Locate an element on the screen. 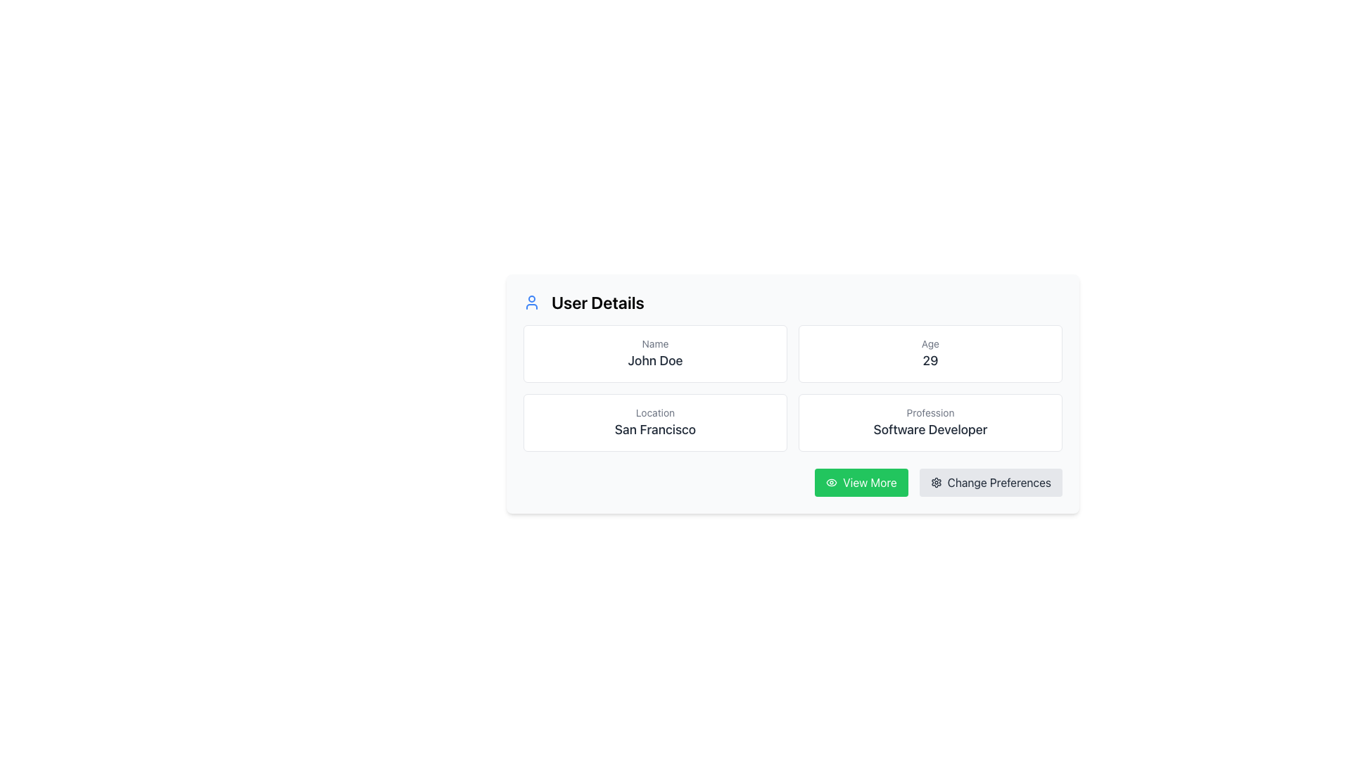 This screenshot has height=760, width=1351. the text label displaying the number '29' in bold font, which is located in the 'Age' card at the top-right of the grid is located at coordinates (930, 360).